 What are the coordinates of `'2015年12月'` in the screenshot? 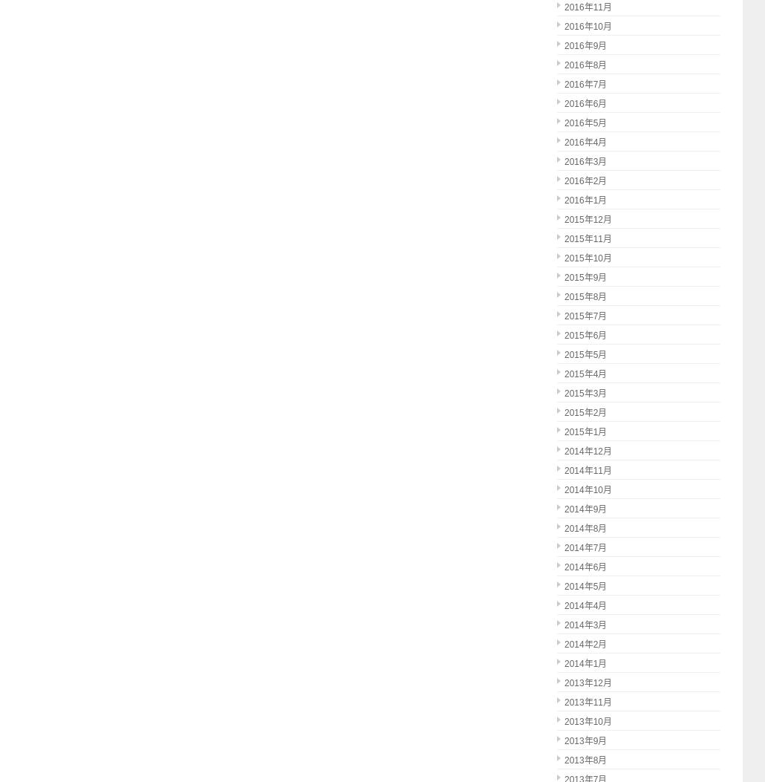 It's located at (587, 219).